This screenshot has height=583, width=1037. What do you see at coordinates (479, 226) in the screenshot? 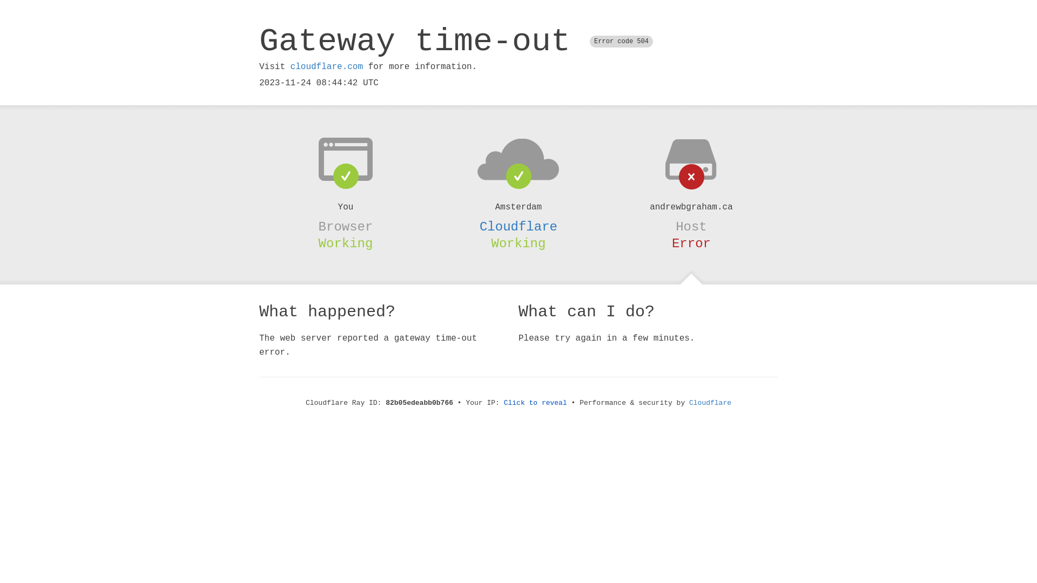
I see `'Cloudflare'` at bounding box center [479, 226].